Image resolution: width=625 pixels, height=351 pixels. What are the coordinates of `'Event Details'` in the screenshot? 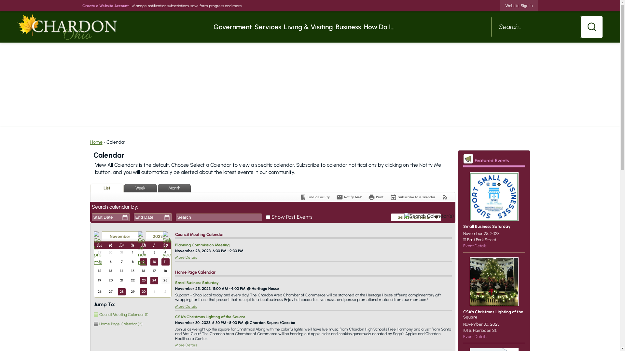 It's located at (475, 336).